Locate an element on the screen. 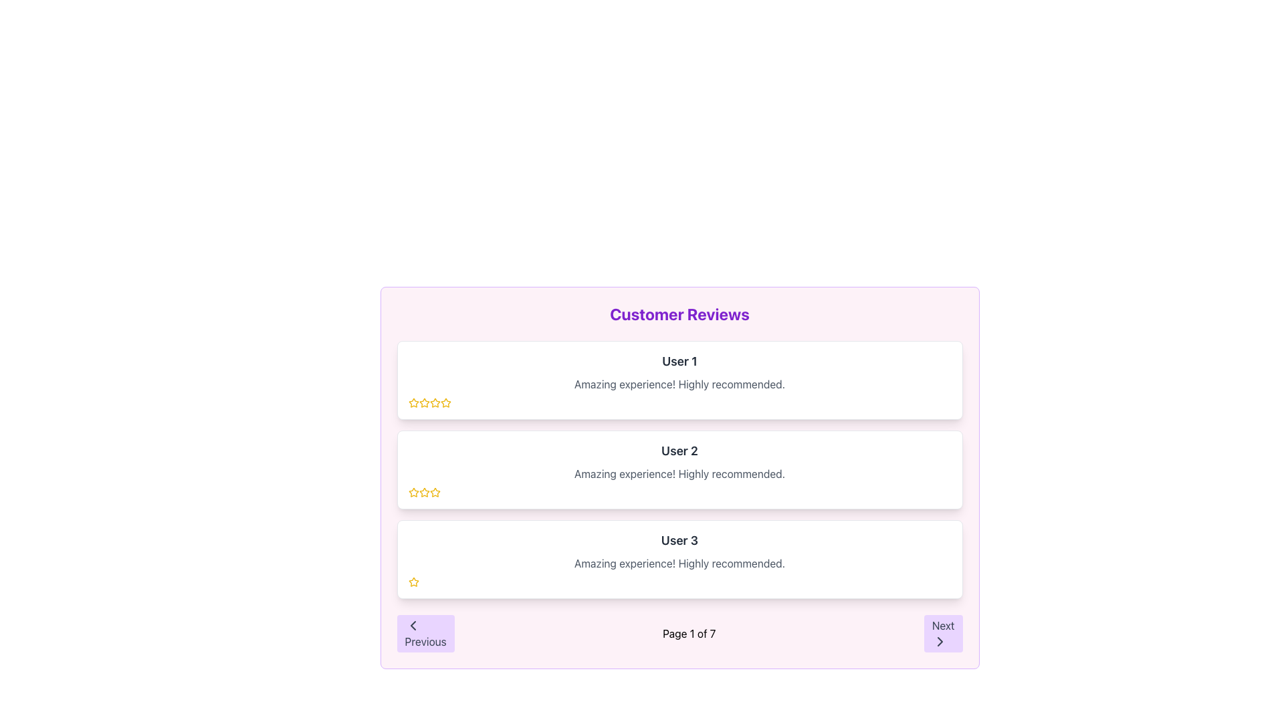 The height and width of the screenshot is (722, 1284). the third star icon in the ratings section of User 2's review is located at coordinates (435, 492).